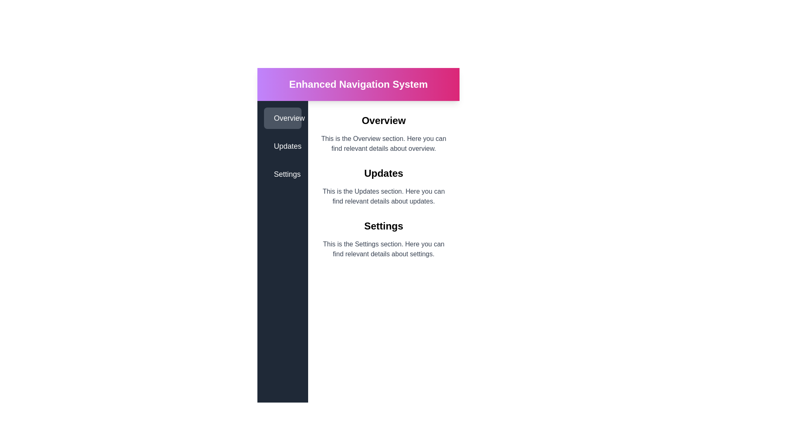  I want to click on description in the 'Settings' section, which is the third section in the vertical layout, displaying a bold title and a detailed description below, so click(383, 239).